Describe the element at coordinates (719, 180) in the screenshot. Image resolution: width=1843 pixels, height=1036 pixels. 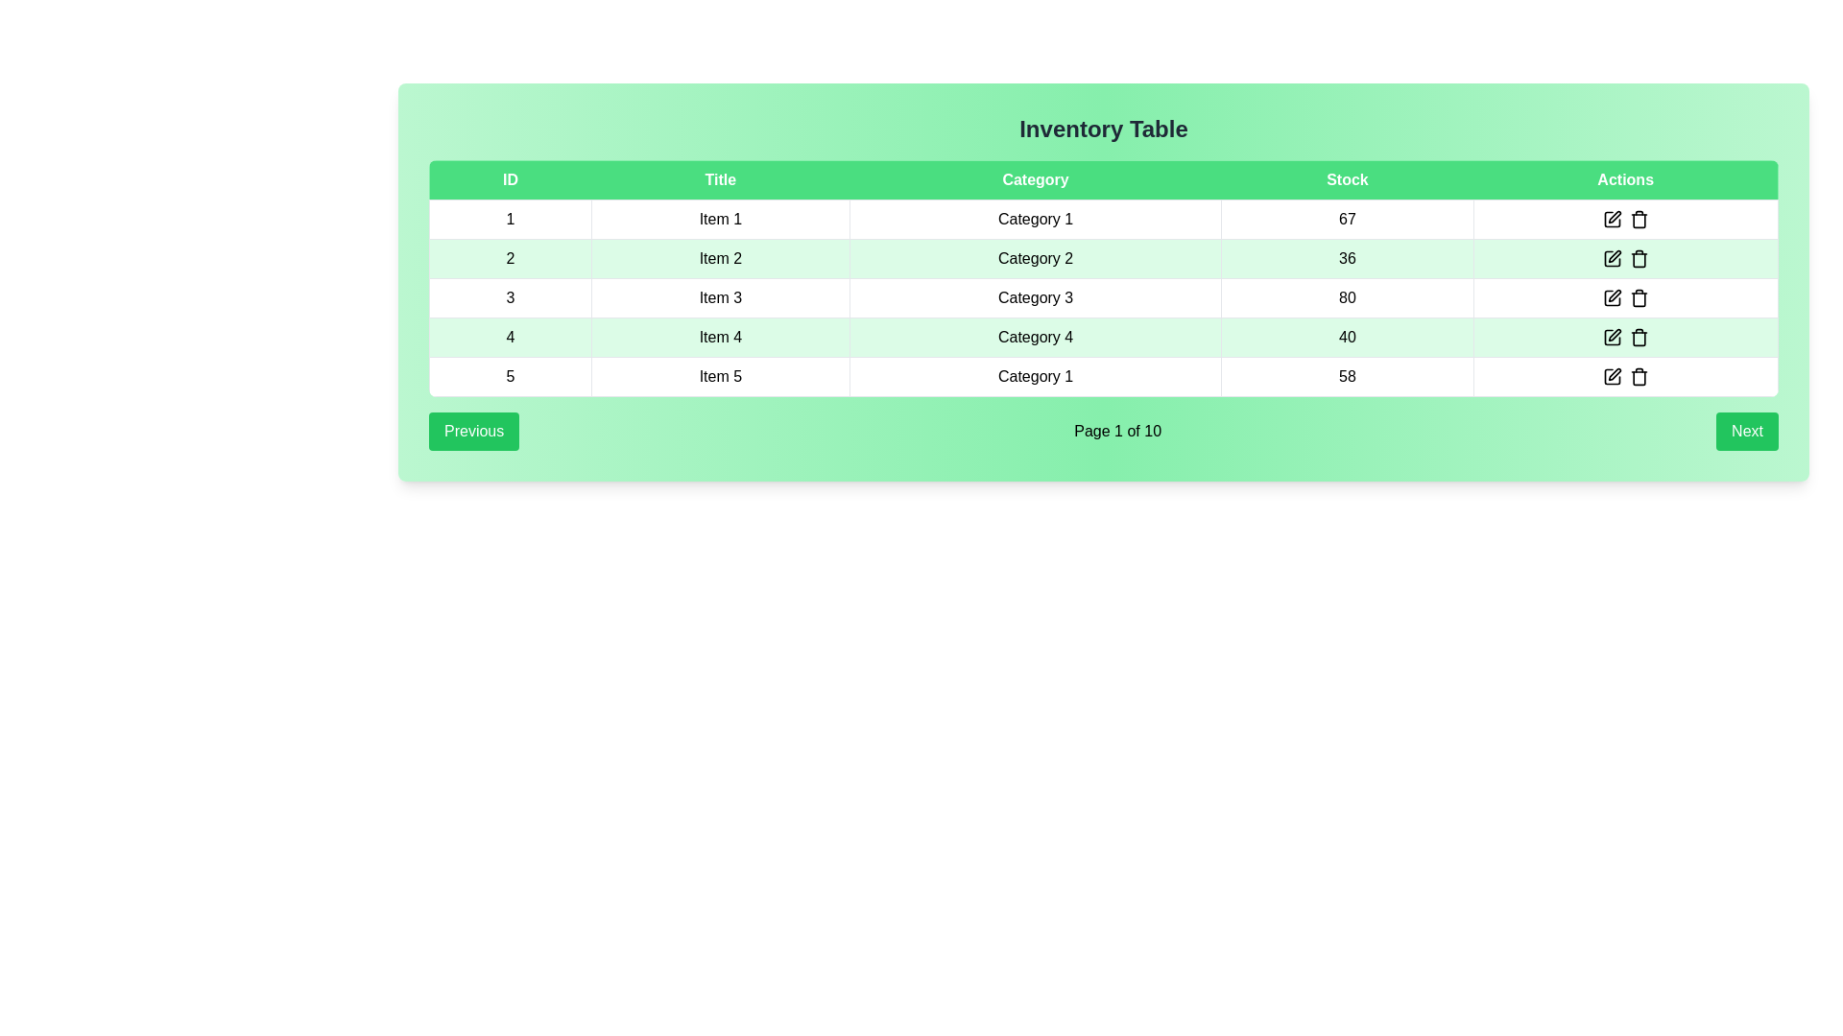
I see `the 'Title' text label with a green background and white text, which is centrally aligned and positioned between 'ID' and 'Category'` at that location.